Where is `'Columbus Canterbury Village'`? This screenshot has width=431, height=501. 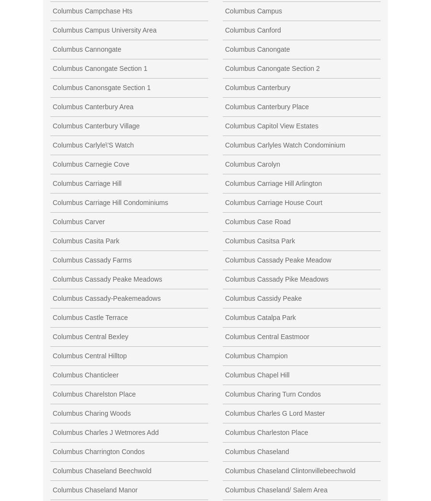 'Columbus Canterbury Village' is located at coordinates (52, 125).